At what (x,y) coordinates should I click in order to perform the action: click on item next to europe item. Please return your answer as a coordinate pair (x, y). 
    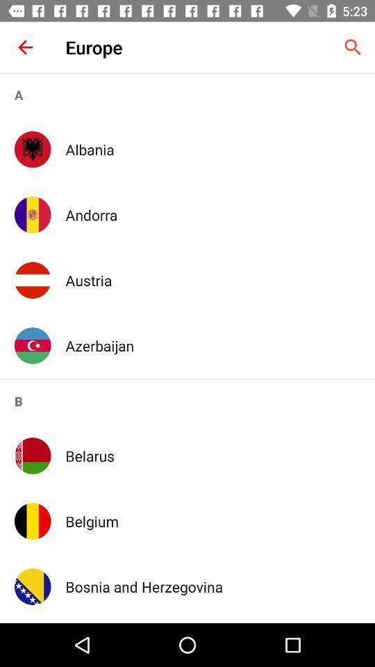
    Looking at the image, I should click on (25, 47).